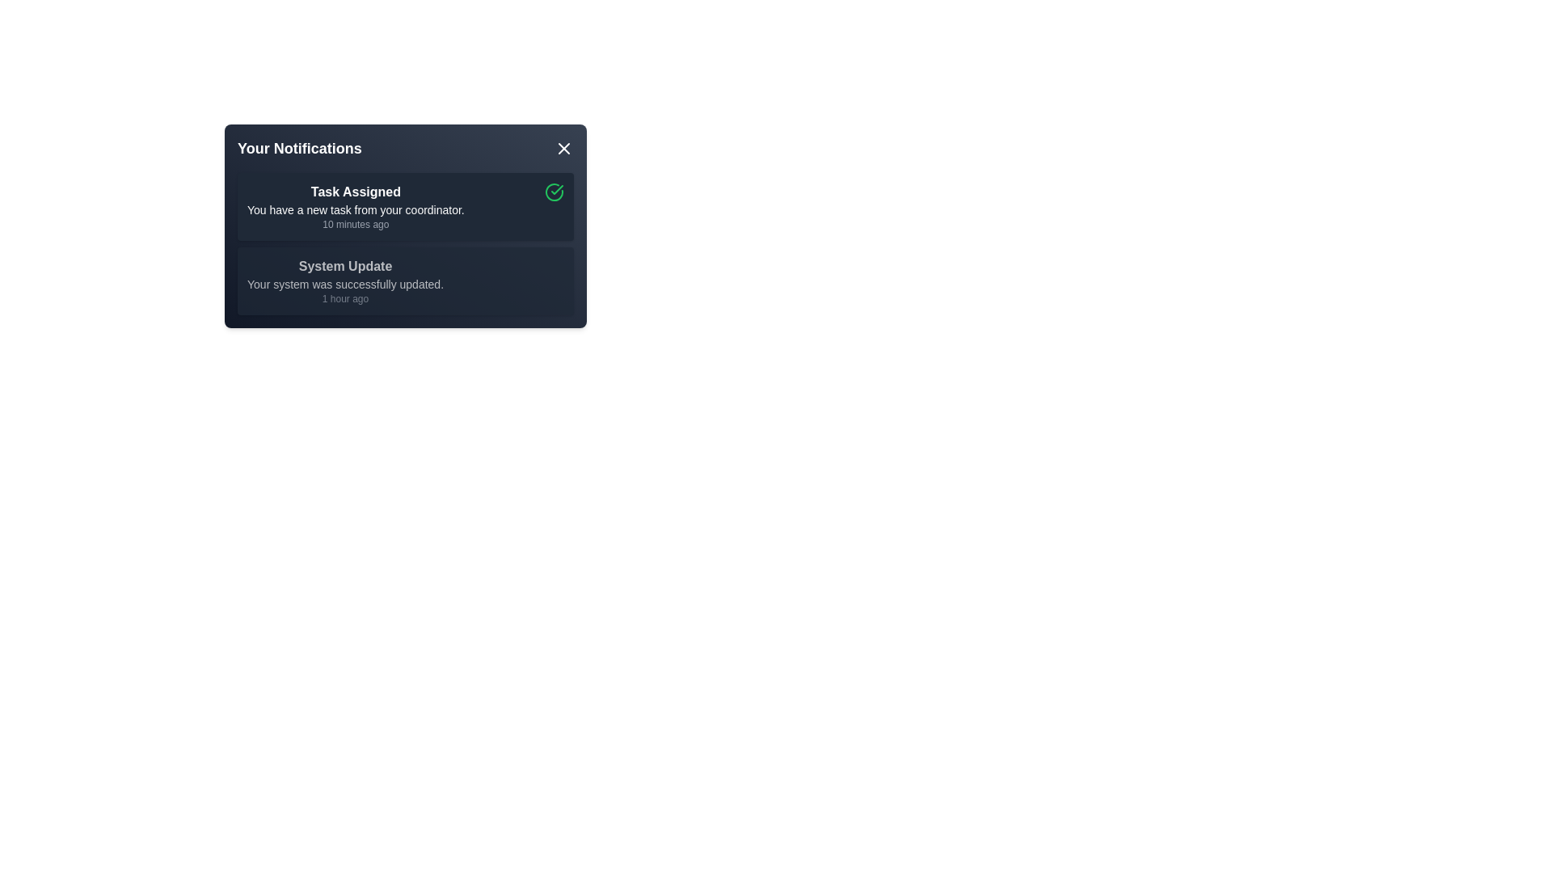 Image resolution: width=1552 pixels, height=873 pixels. What do you see at coordinates (344, 299) in the screenshot?
I see `the timestamp text label located below the message 'Your system was successfully updated.' in the notification pane` at bounding box center [344, 299].